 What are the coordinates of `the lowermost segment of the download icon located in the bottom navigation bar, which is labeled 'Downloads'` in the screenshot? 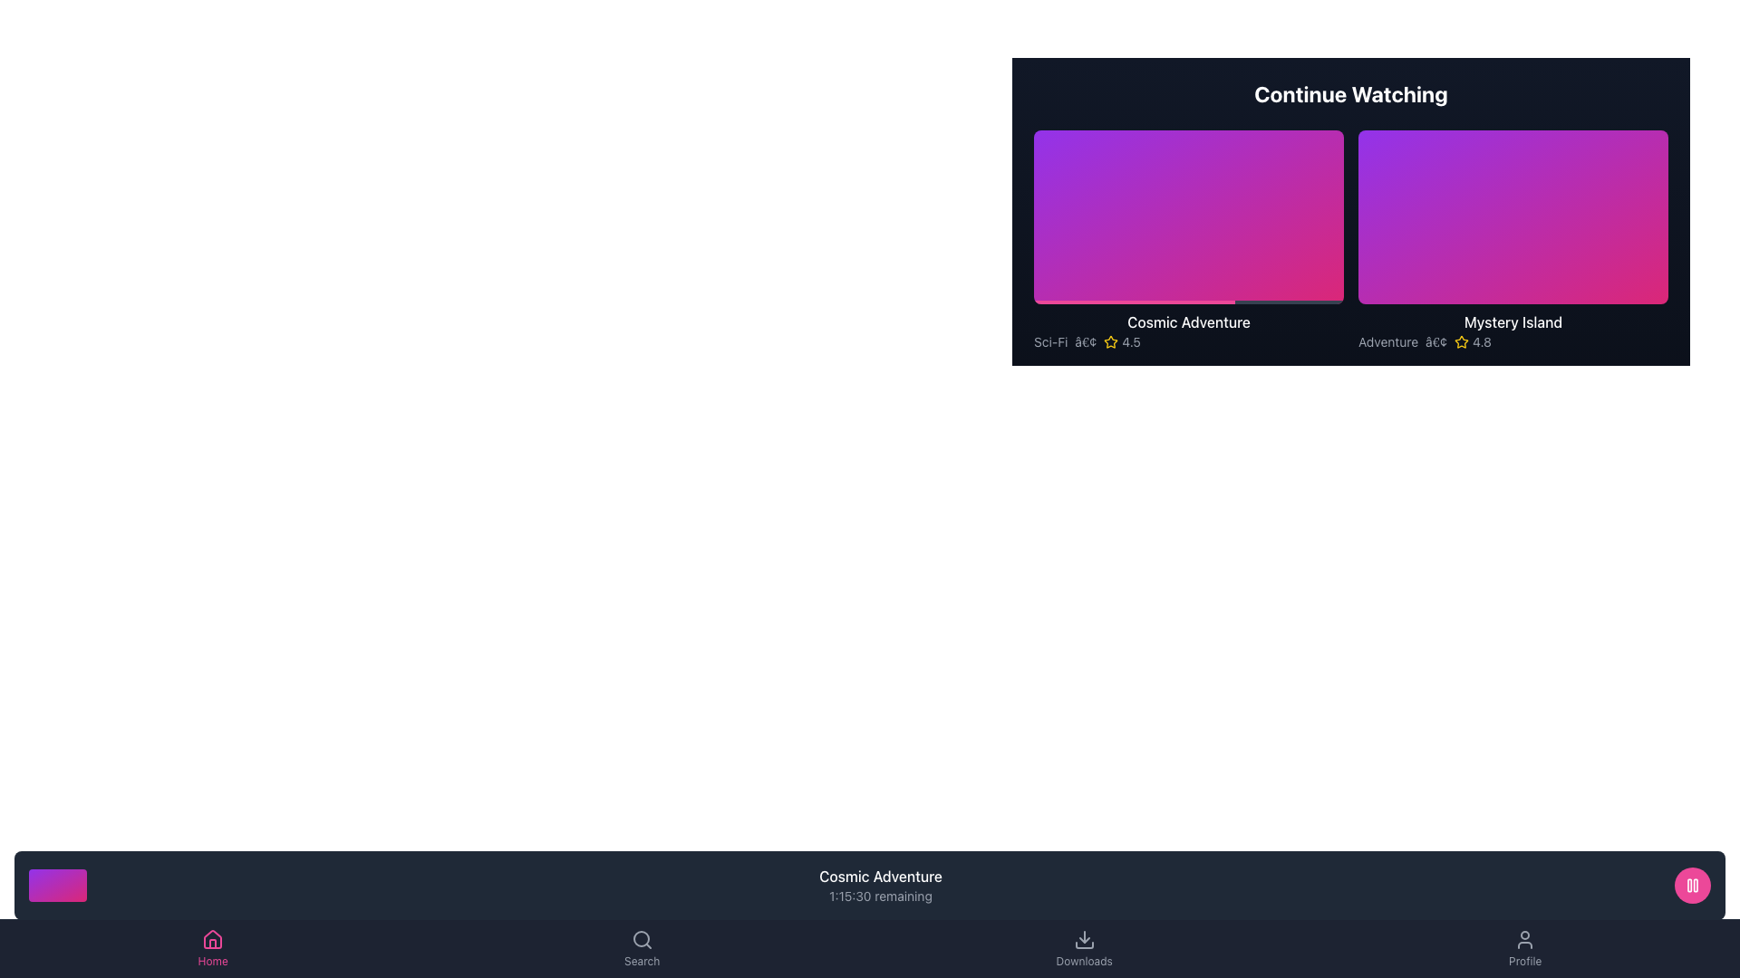 It's located at (1084, 944).